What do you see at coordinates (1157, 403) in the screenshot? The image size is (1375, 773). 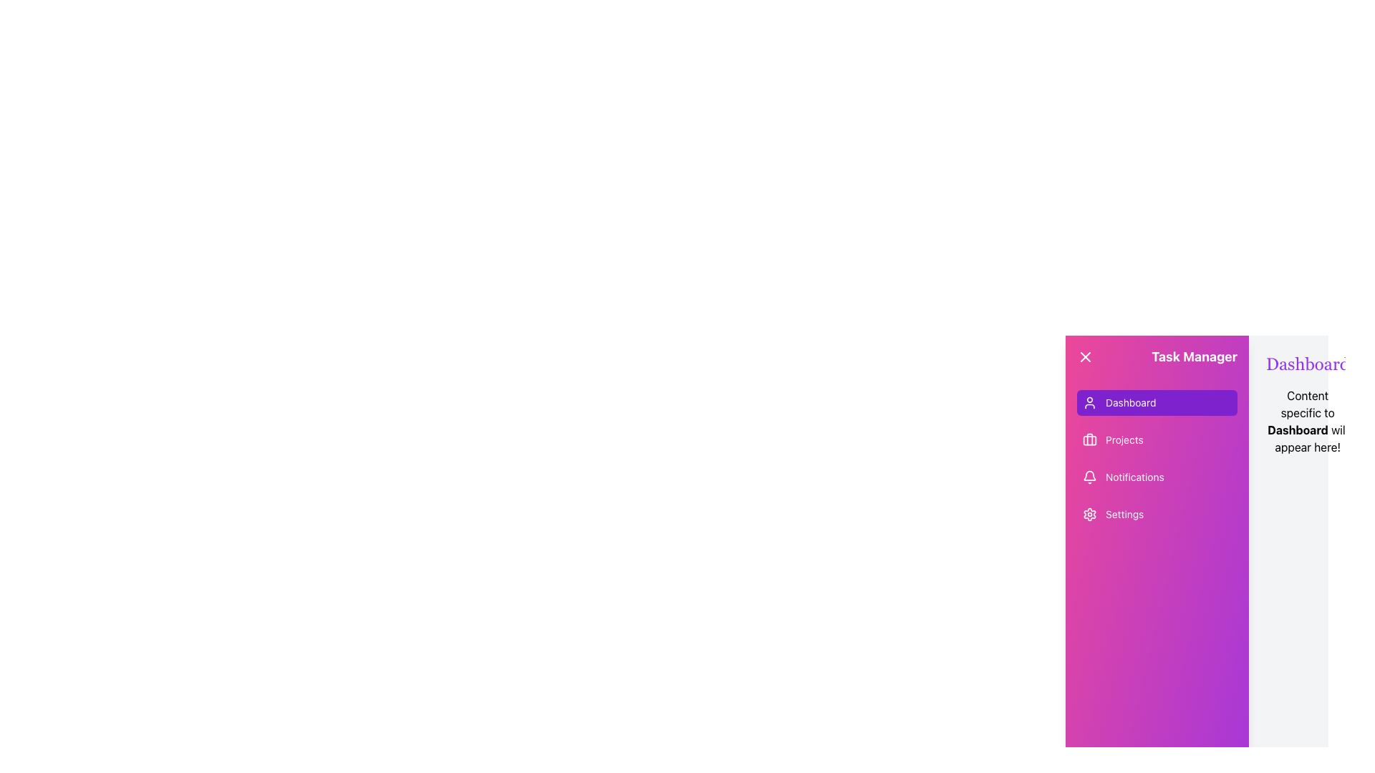 I see `the 'Dashboard' navigation button located at the top of the vertical list on the left side of the interface` at bounding box center [1157, 403].